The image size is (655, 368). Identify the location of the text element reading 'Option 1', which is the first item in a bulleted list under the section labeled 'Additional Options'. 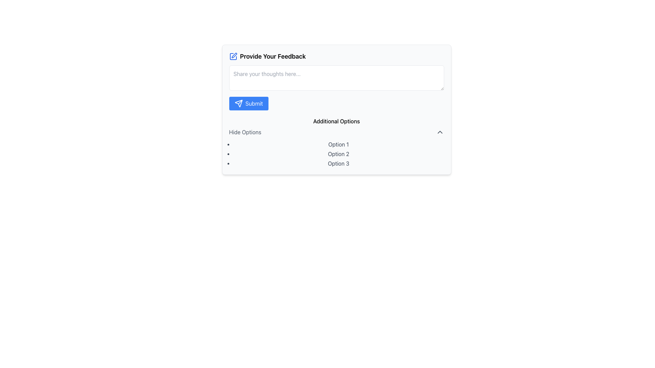
(338, 144).